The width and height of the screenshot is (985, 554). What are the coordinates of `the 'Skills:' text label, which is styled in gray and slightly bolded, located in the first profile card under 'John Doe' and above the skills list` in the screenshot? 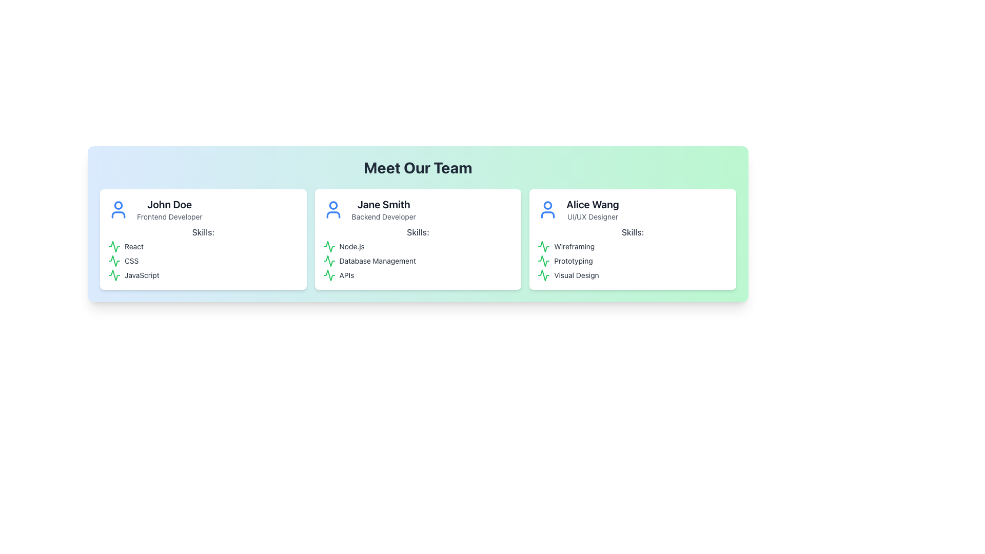 It's located at (203, 232).